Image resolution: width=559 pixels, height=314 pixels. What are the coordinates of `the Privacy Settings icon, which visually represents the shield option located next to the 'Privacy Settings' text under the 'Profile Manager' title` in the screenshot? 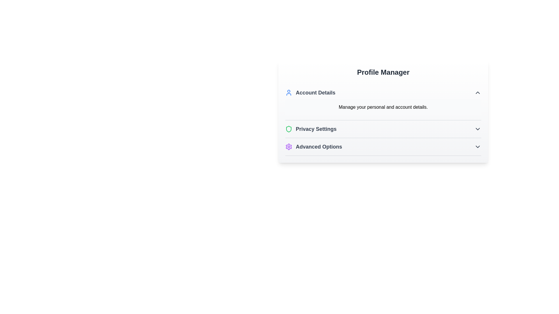 It's located at (289, 129).